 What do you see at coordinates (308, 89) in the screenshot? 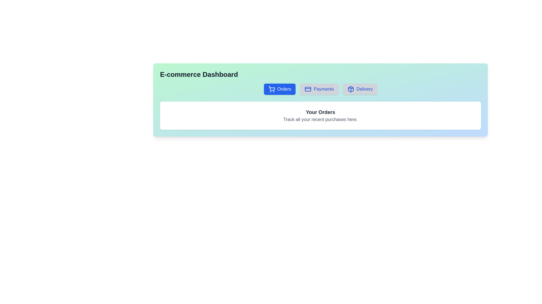
I see `the small credit card icon located within the 'Payments' button at the upper part of the interface` at bounding box center [308, 89].